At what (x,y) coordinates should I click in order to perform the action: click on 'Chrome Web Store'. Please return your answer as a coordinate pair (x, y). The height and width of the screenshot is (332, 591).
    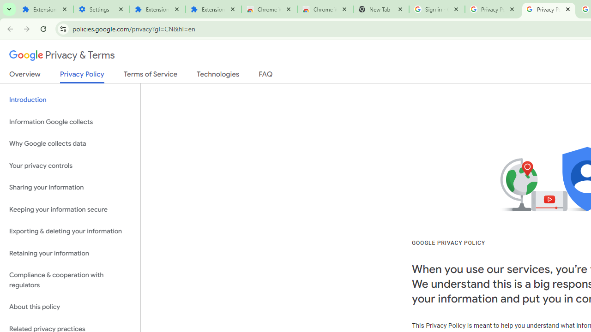
    Looking at the image, I should click on (269, 9).